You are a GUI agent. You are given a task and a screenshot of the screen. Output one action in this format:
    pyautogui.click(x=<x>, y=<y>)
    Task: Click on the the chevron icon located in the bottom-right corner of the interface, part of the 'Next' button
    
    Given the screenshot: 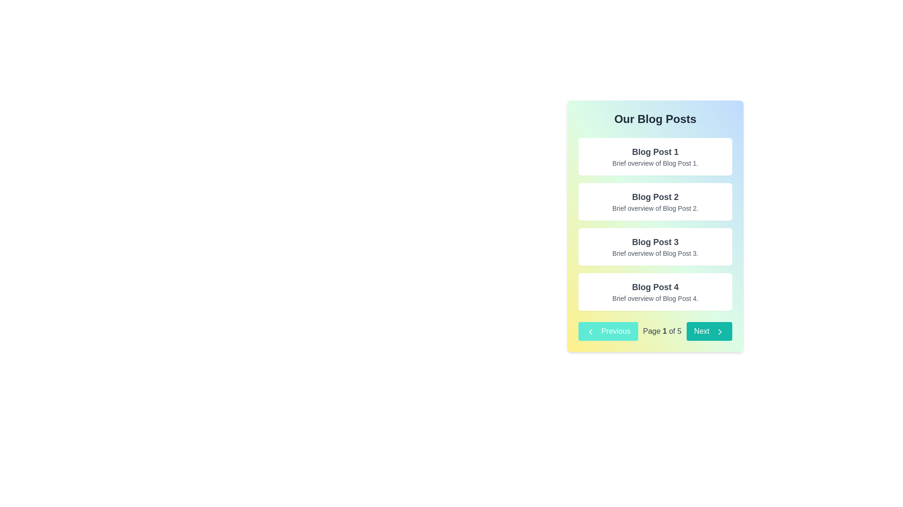 What is the action you would take?
    pyautogui.click(x=720, y=330)
    